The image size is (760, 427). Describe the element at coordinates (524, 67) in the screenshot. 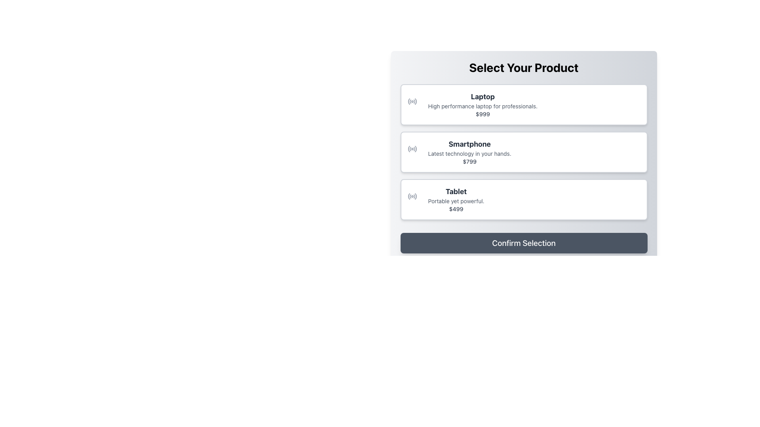

I see `the static text heading that serves as a title providing context to the user about selection options` at that location.